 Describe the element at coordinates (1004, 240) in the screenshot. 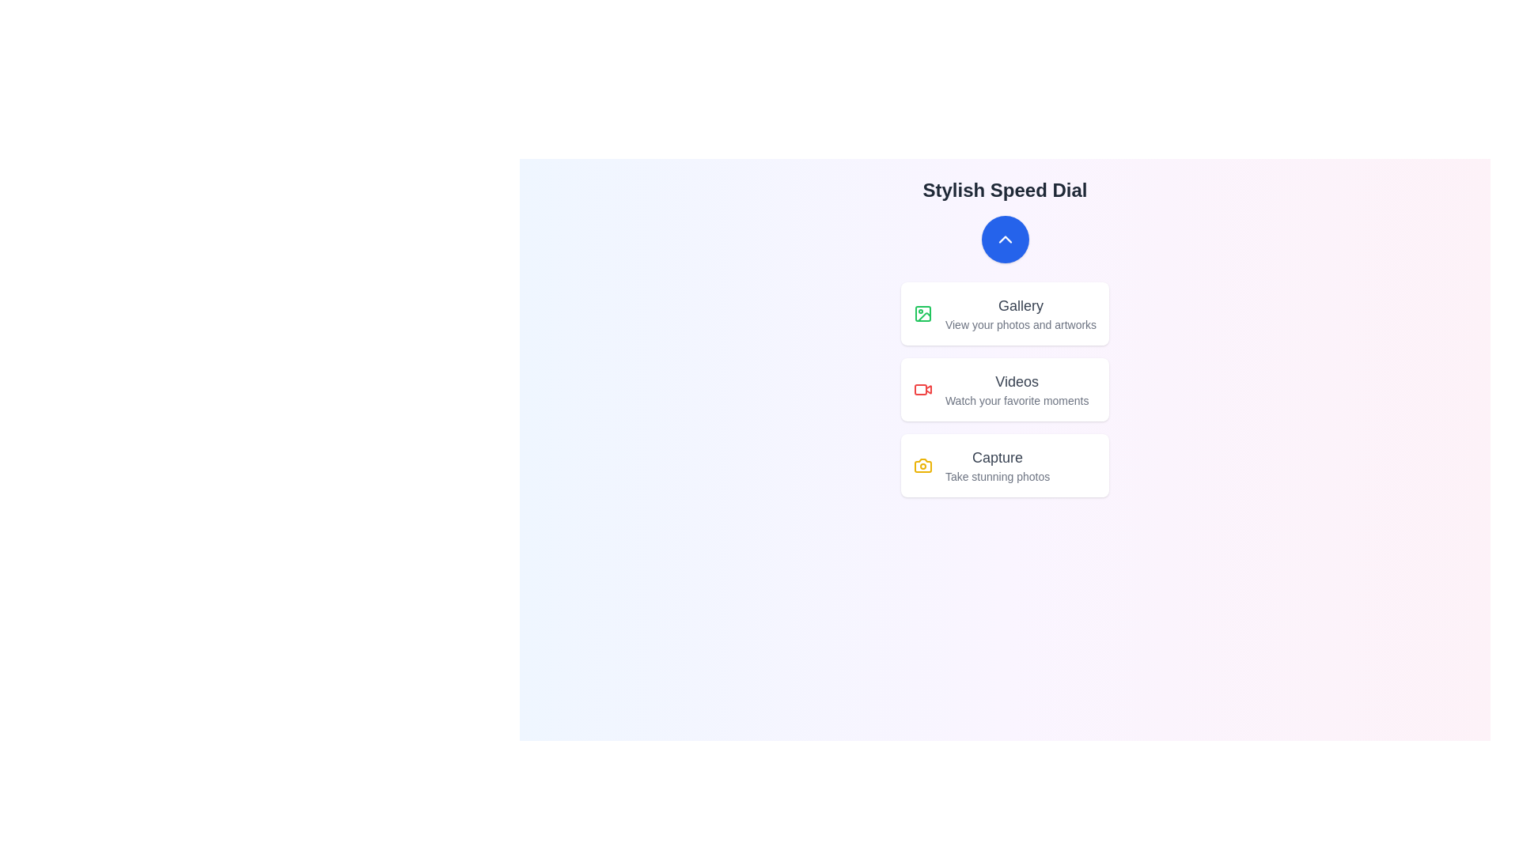

I see `main button to toggle the menu visibility` at that location.